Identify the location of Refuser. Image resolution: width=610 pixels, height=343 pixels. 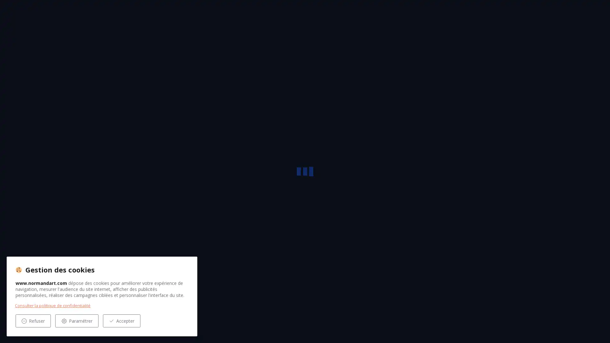
(33, 321).